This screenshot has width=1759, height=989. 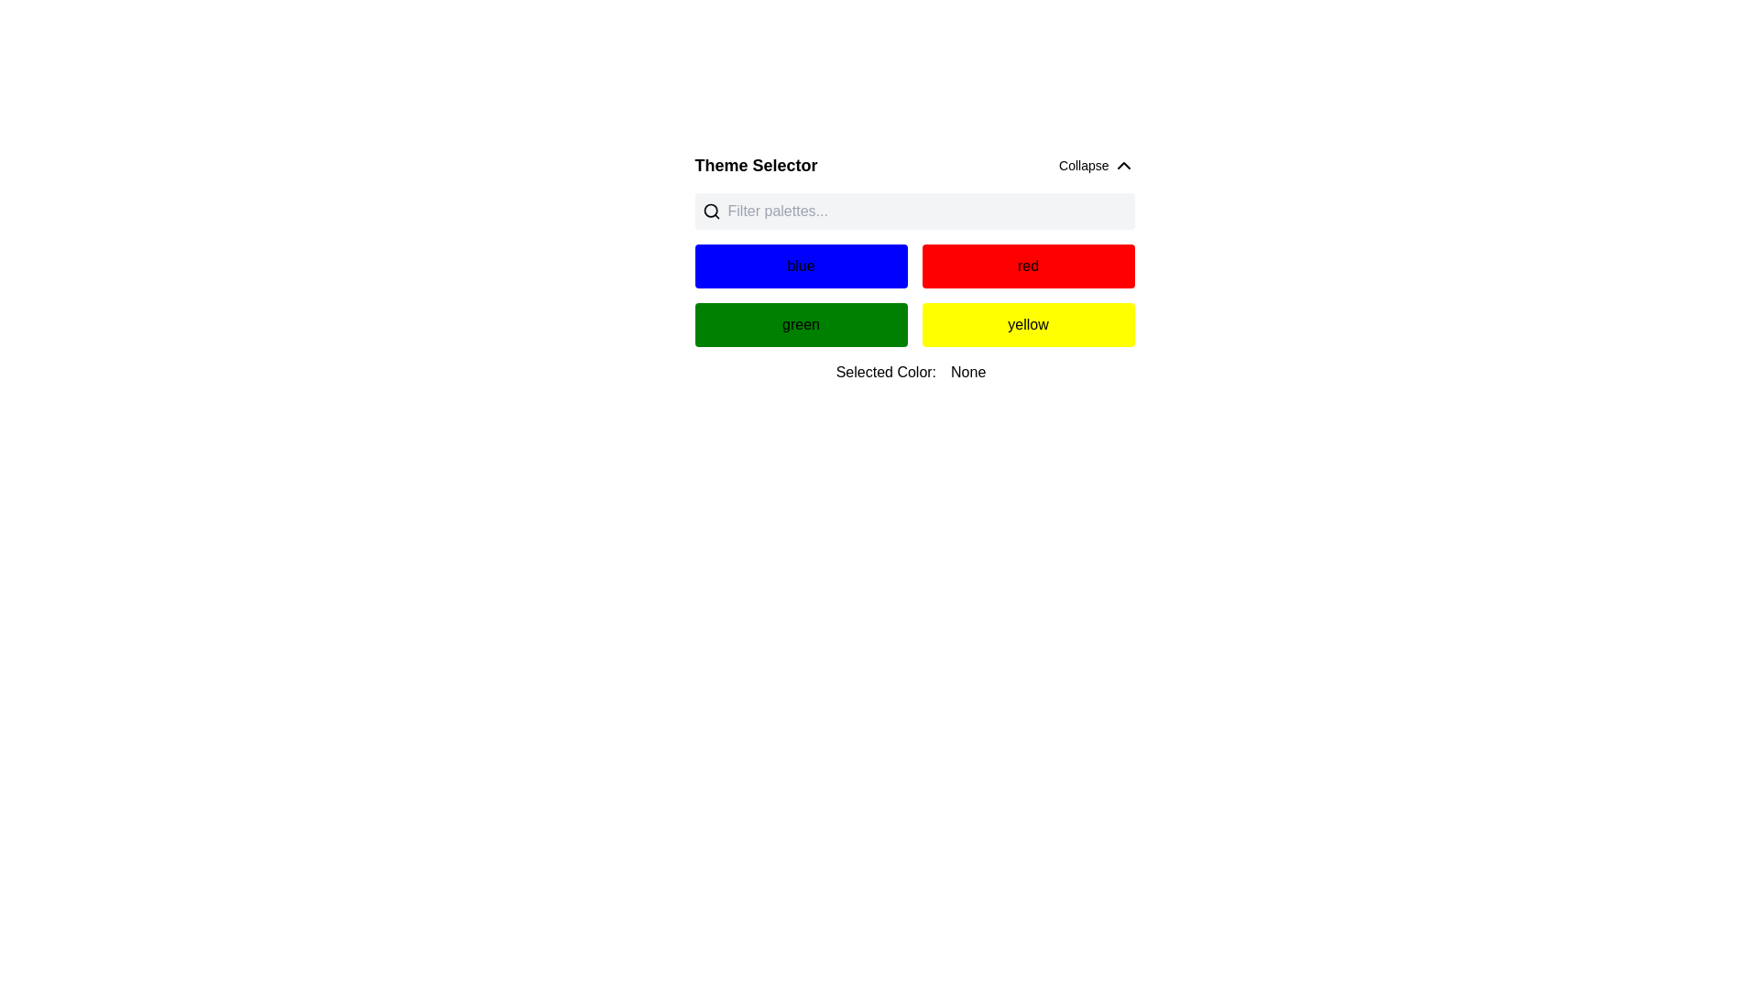 I want to click on the blue button located in the top-left corner of the 2x2 grid layout, so click(x=801, y=266).